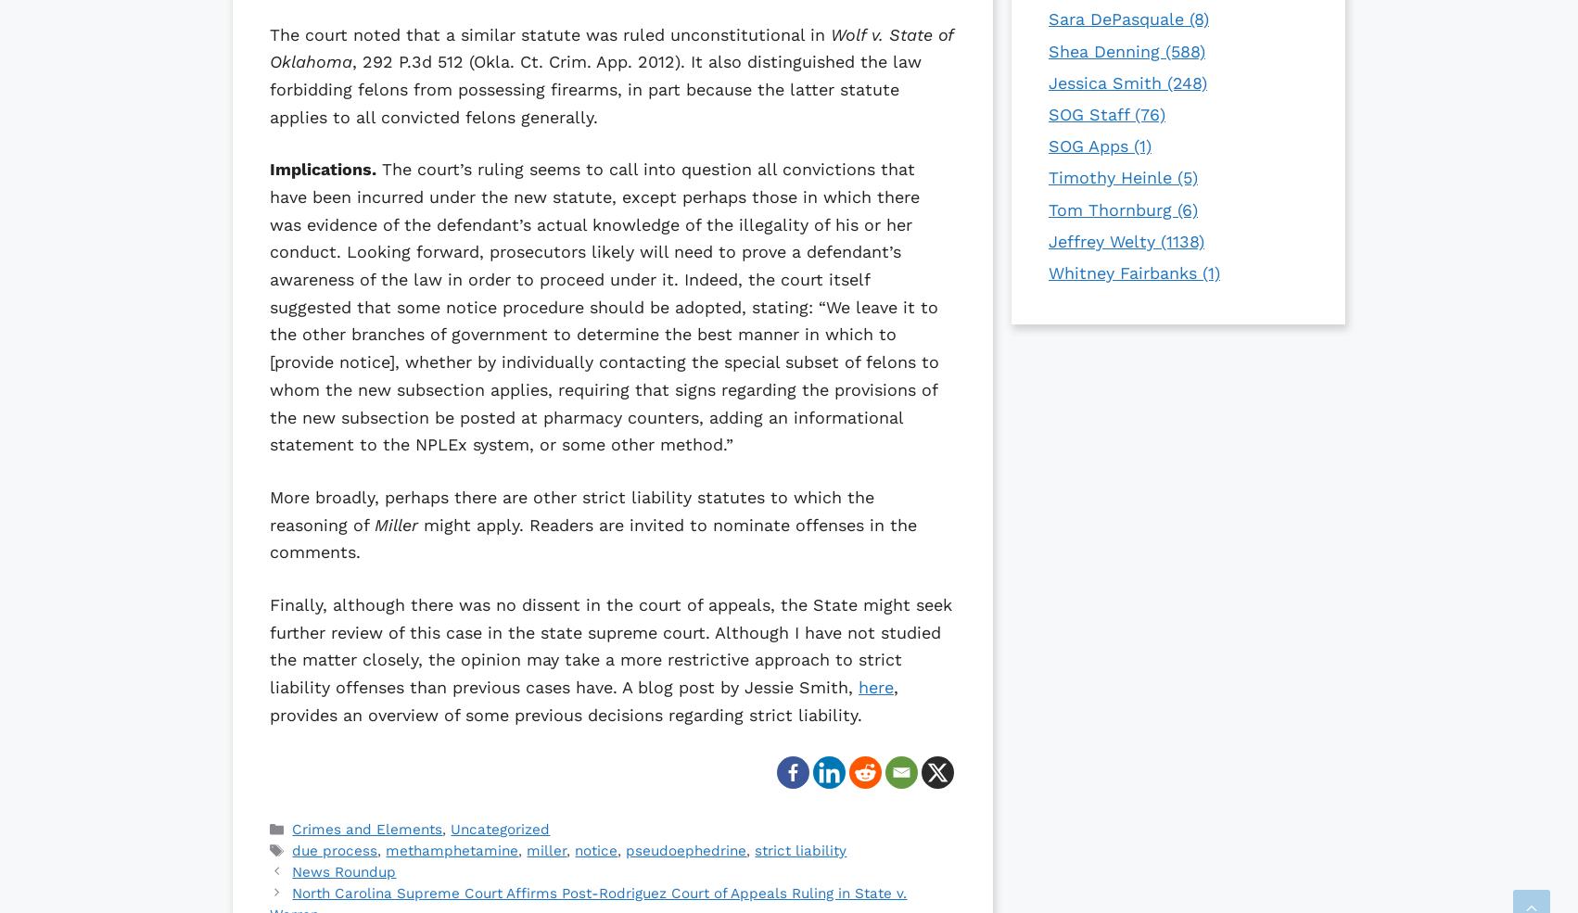 This screenshot has width=1578, height=913. Describe the element at coordinates (875, 687) in the screenshot. I see `'here'` at that location.